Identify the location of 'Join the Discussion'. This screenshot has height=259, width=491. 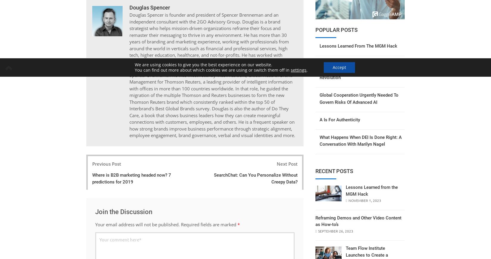
(123, 211).